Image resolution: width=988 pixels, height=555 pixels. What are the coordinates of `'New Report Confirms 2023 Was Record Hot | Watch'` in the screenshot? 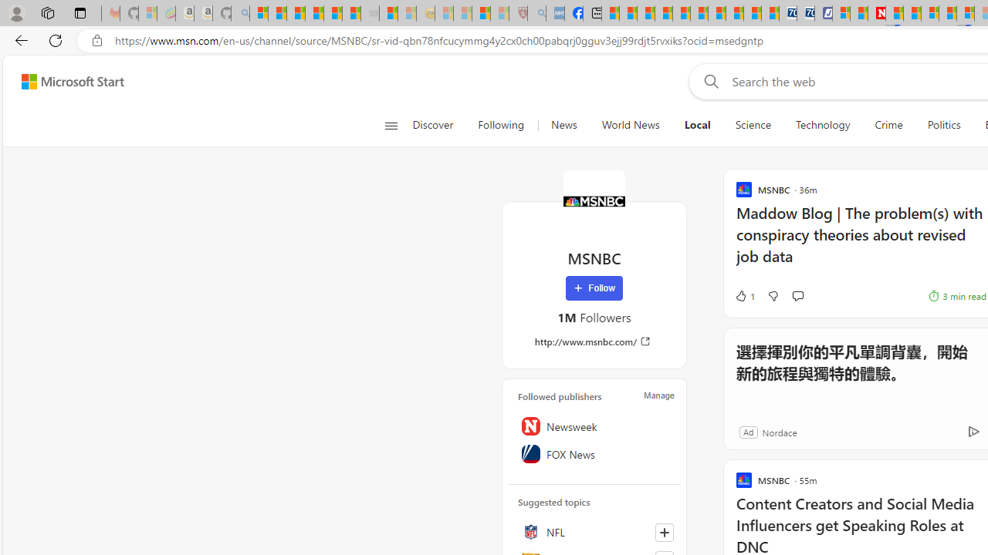 It's located at (332, 13).